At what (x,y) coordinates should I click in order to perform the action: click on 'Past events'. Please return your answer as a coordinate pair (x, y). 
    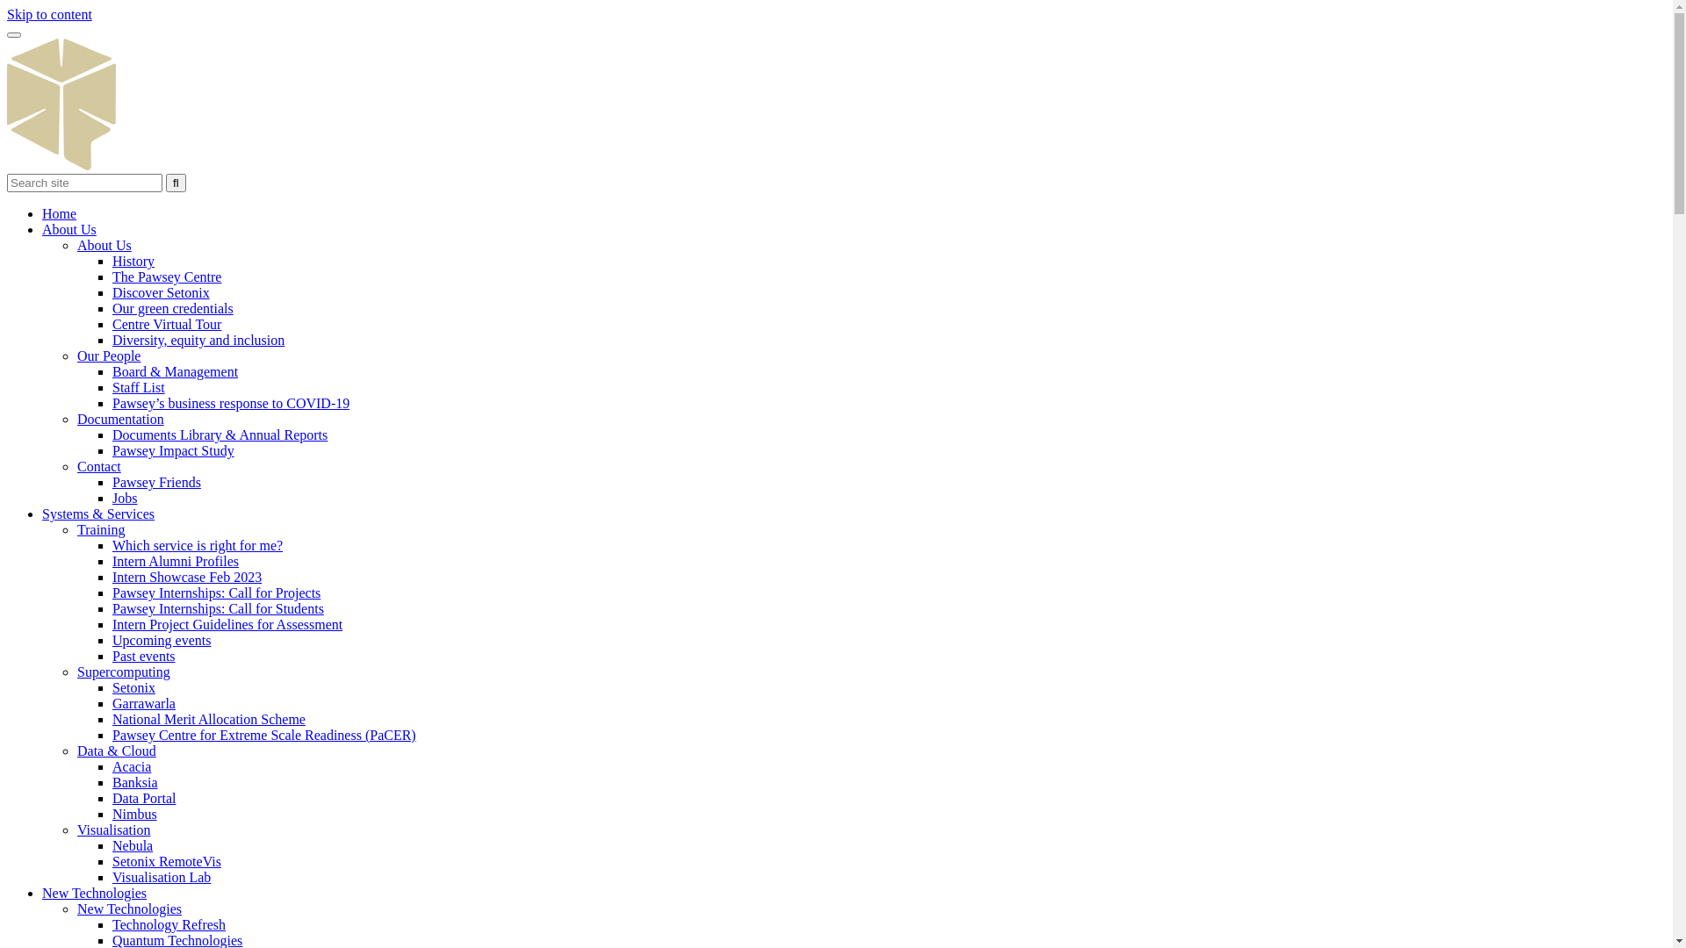
    Looking at the image, I should click on (112, 656).